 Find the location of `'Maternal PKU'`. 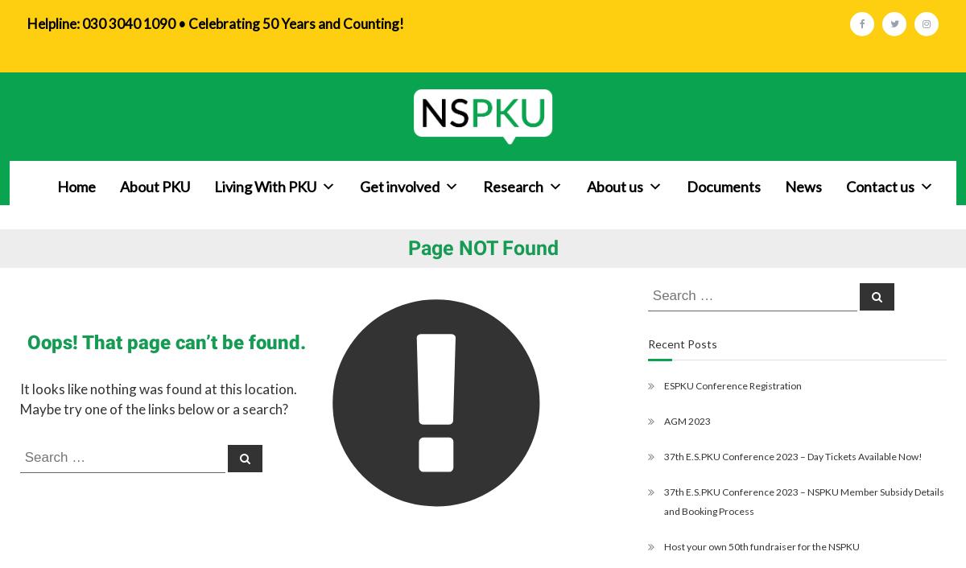

'Maternal PKU' is located at coordinates (502, 383).